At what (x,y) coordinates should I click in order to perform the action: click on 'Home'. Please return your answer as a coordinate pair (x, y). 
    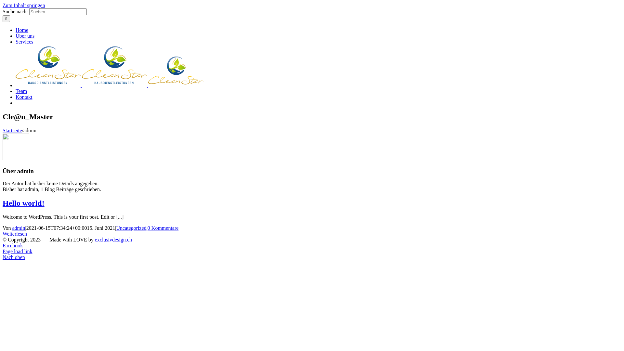
    Looking at the image, I should click on (16, 30).